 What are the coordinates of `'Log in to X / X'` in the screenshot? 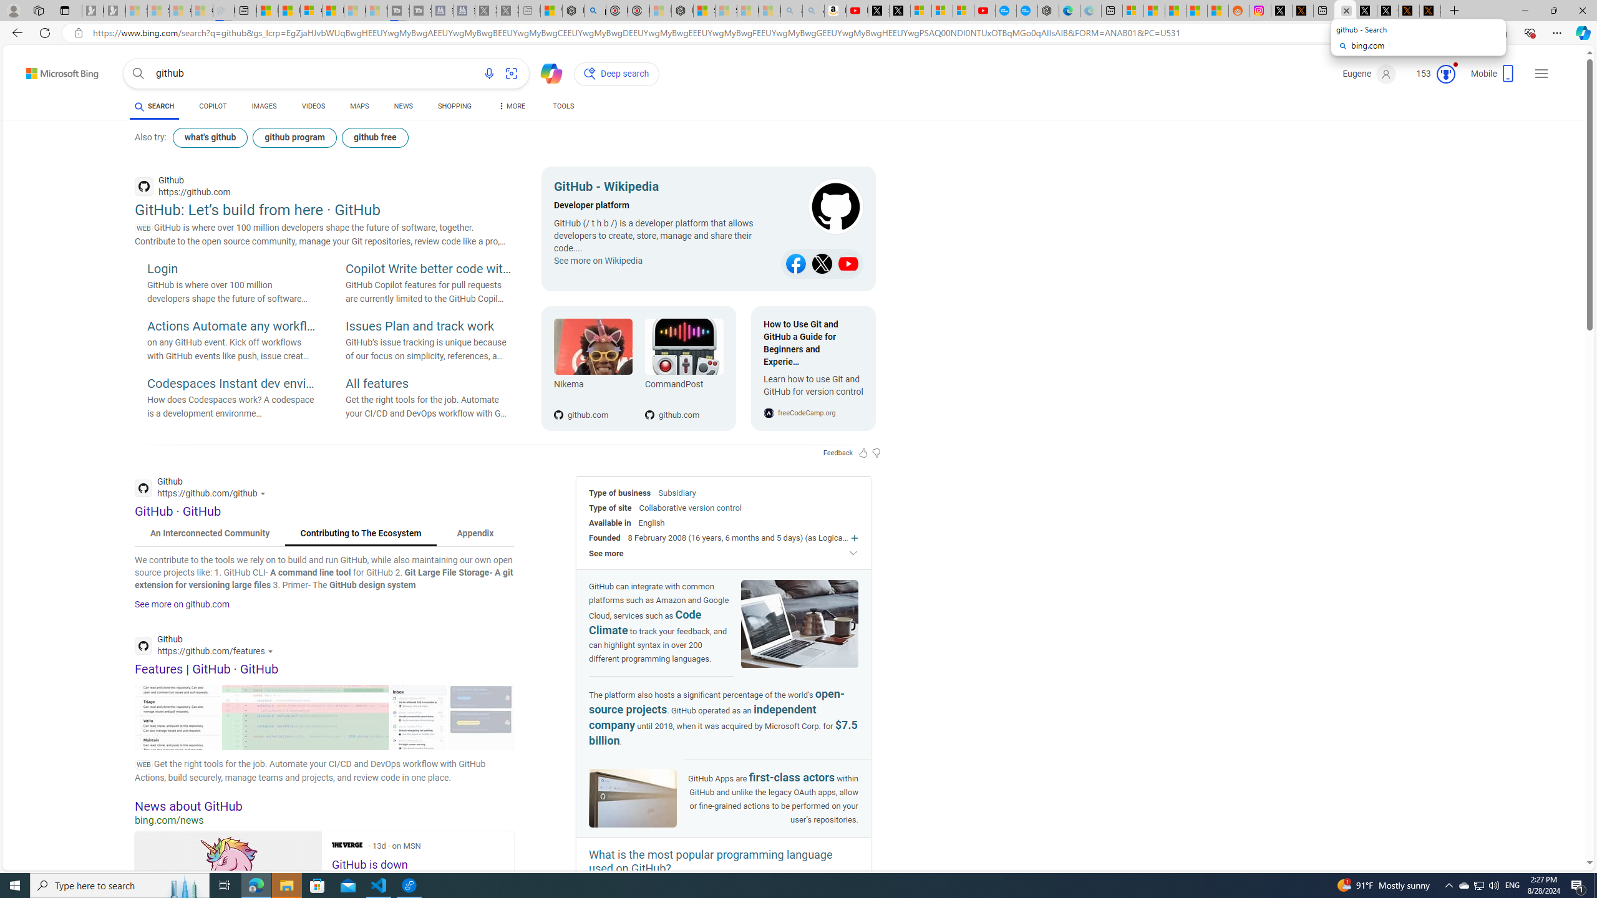 It's located at (1281, 10).